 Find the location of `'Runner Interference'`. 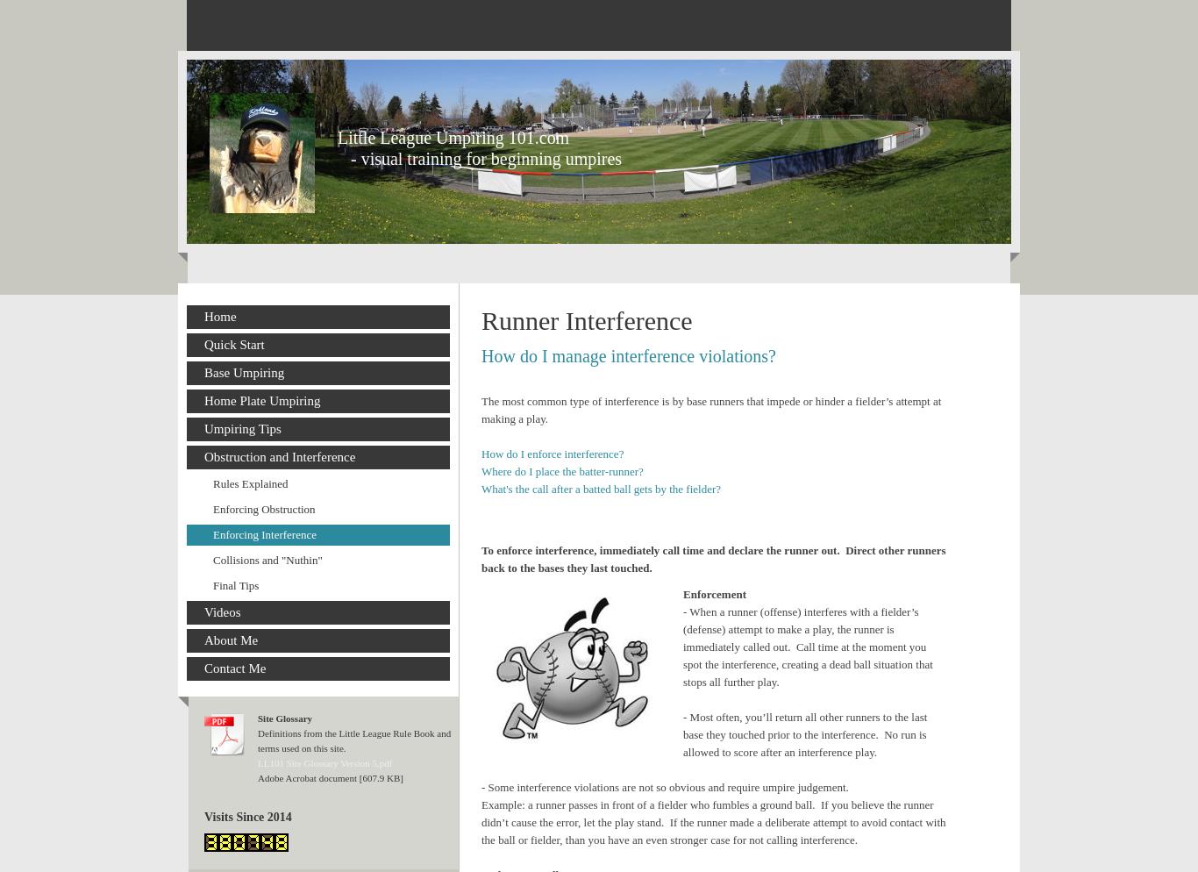

'Runner Interference' is located at coordinates (586, 320).